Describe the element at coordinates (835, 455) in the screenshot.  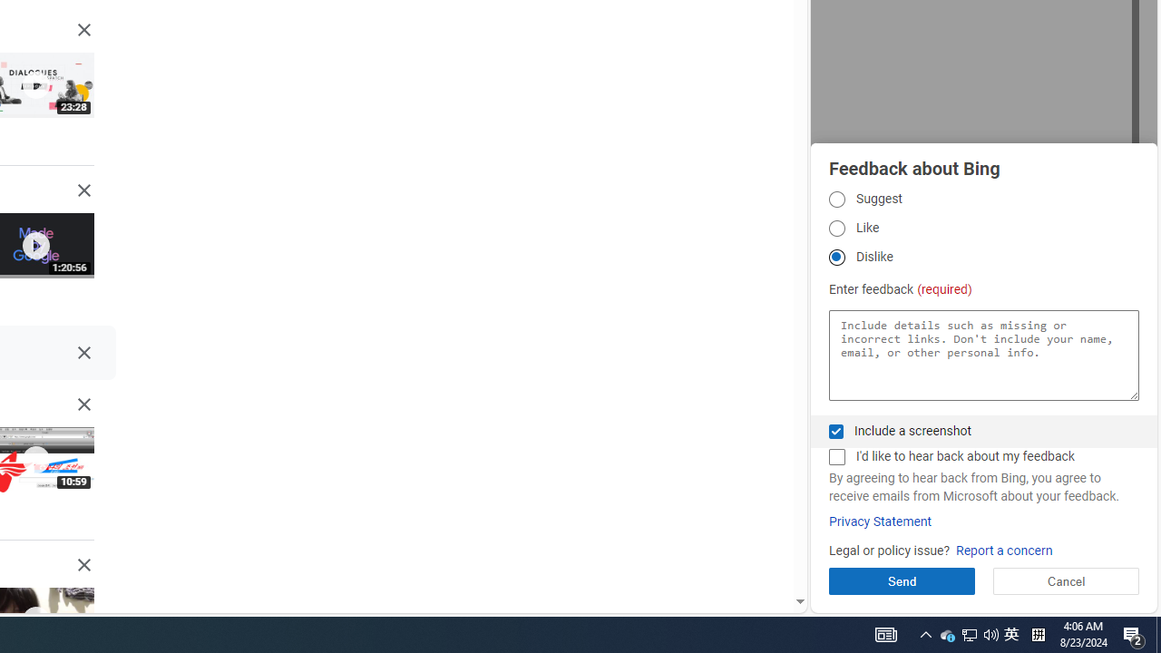
I see `'AutomationID: fbpgdgcmchk'` at that location.